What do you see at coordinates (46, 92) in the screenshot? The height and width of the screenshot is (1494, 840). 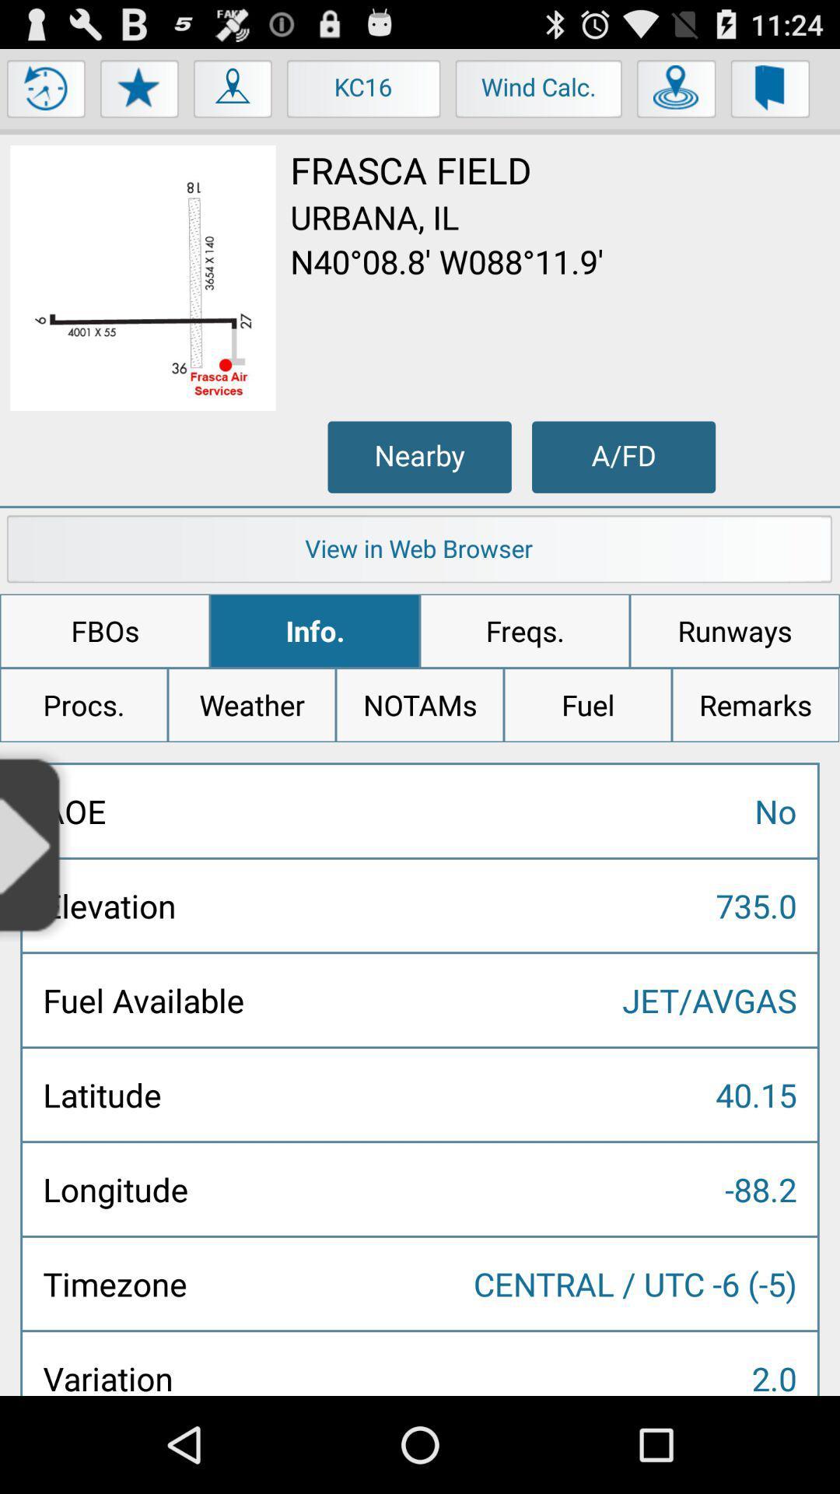 I see `open time` at bounding box center [46, 92].